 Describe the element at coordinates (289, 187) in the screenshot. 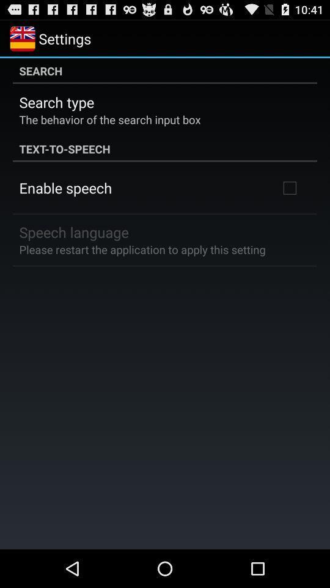

I see `icon below the text-to-speech app` at that location.